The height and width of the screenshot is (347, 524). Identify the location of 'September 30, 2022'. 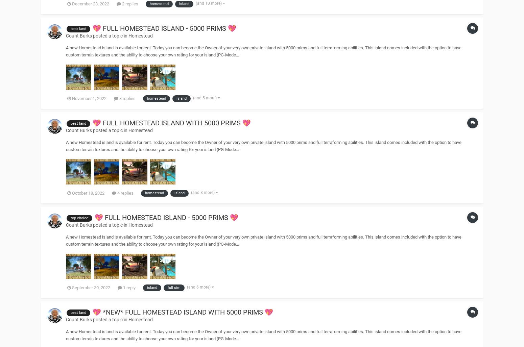
(91, 287).